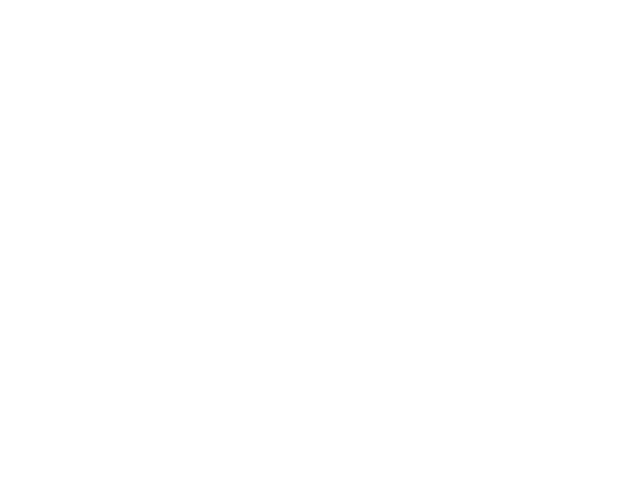 The height and width of the screenshot is (482, 635). I want to click on 'First name', so click(102, 277).